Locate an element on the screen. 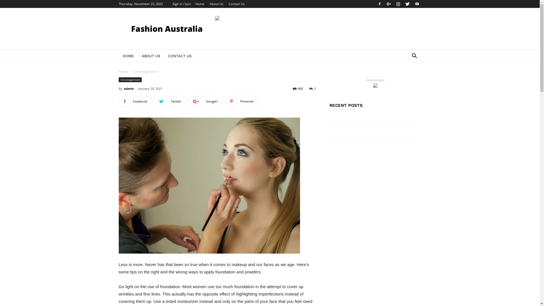 The height and width of the screenshot is (306, 544). 'Pinterest' is located at coordinates (242, 101).